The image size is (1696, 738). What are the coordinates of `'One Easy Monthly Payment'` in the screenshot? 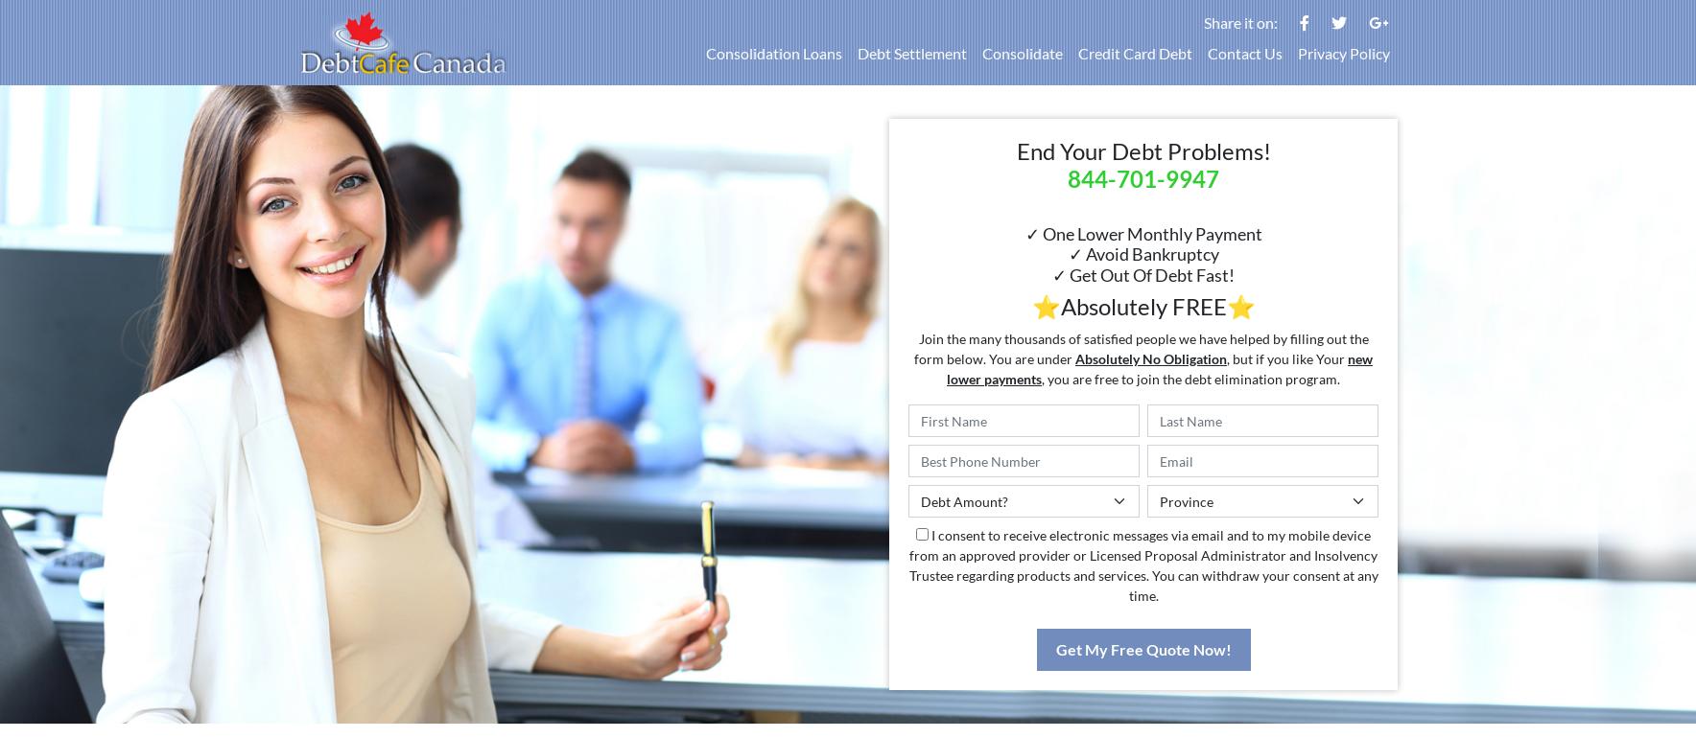 It's located at (1123, 679).